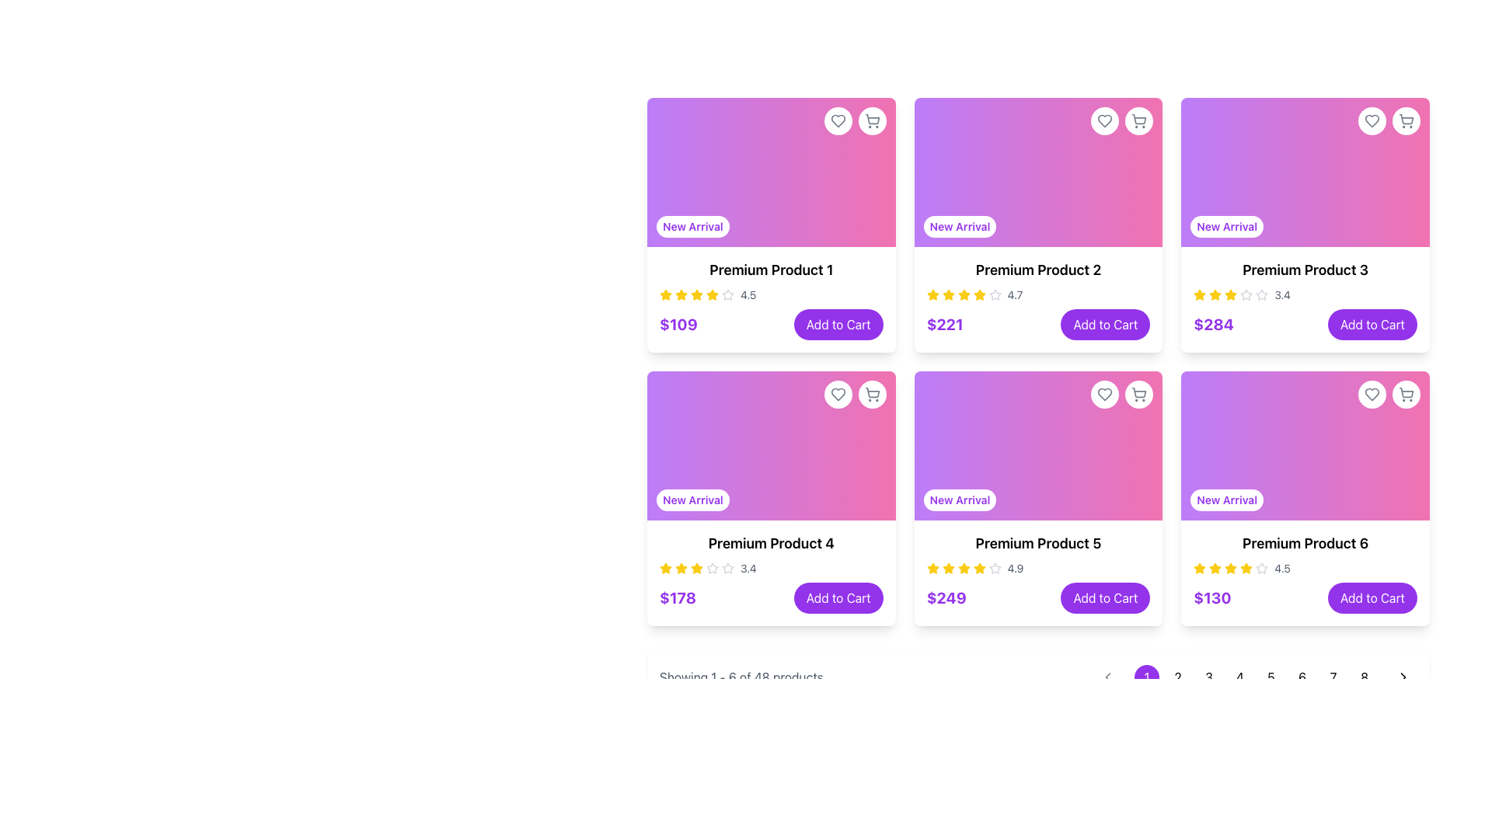 The width and height of the screenshot is (1492, 839). Describe the element at coordinates (1104, 120) in the screenshot. I see `the favorite button located at the top-right corner of the card for 'Premium Product 2' to mark the product as a favorite` at that location.